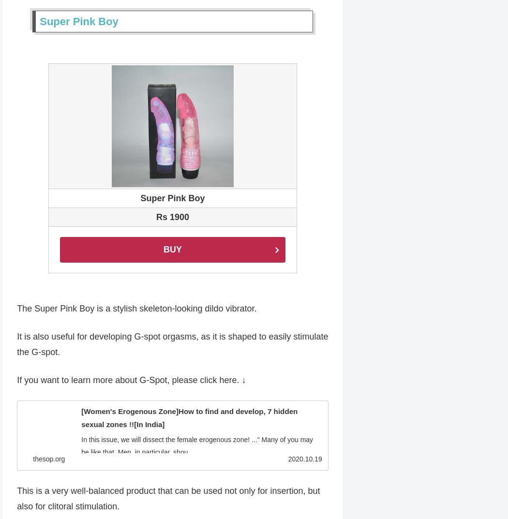 The width and height of the screenshot is (508, 519). I want to click on 'If you want to learn more about G-Spot, please click here. ↓', so click(131, 381).